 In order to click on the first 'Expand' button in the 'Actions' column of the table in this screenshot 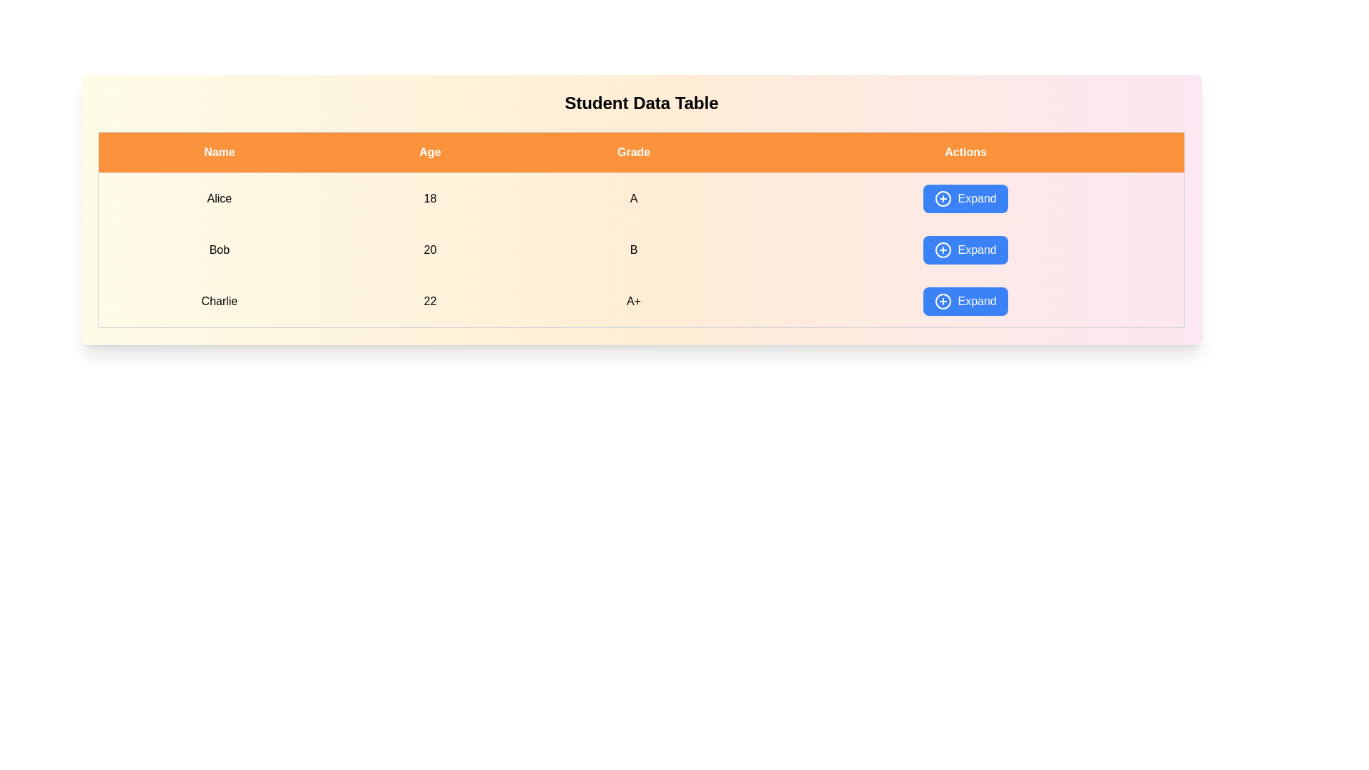, I will do `click(965, 198)`.